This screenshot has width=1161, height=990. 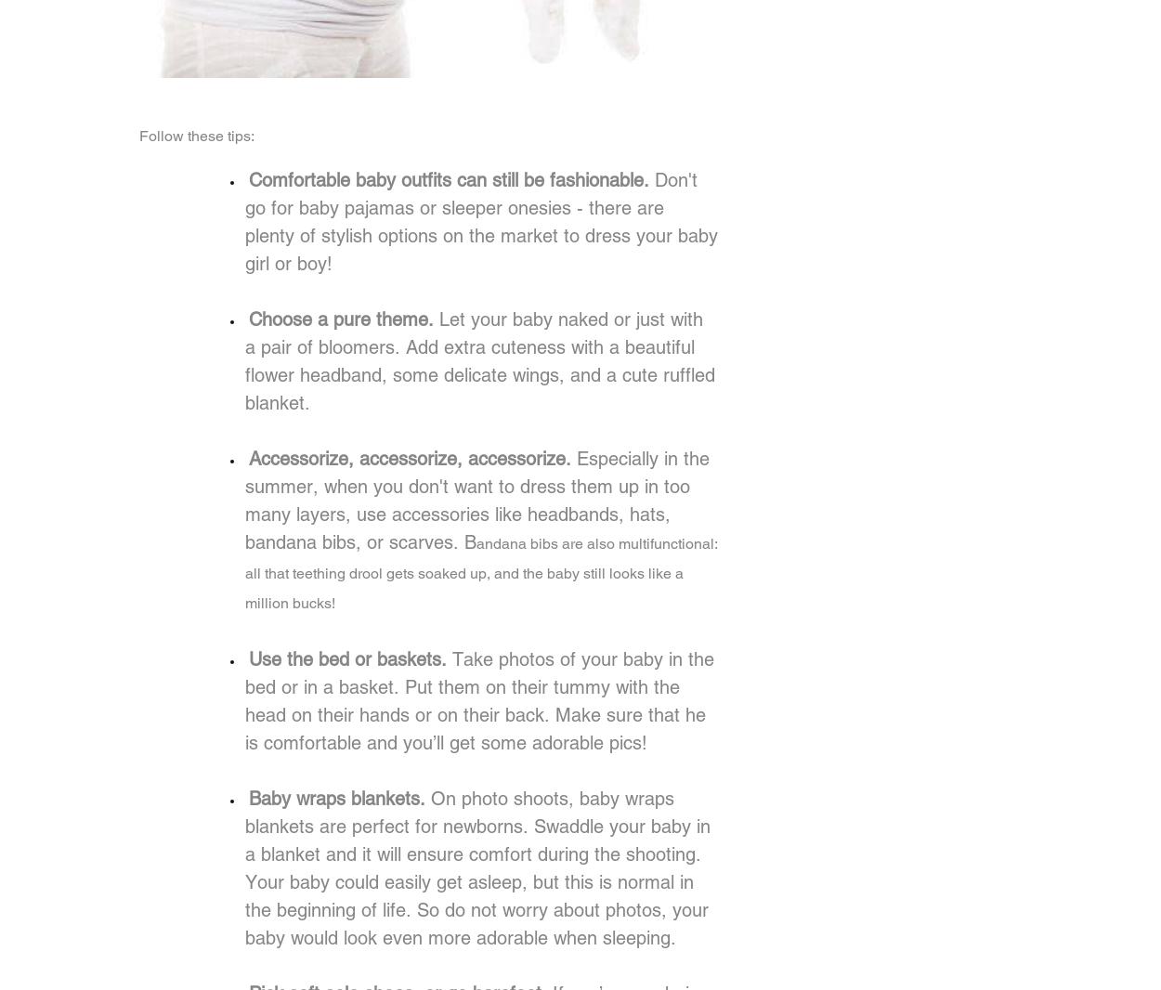 I want to click on 'On photo shoots, baby wraps blankets are perfect for newborns. Swaddle your baby in a blanket and it will ensure comfort during the shooting. Your baby could easily get asleep, but this is normal in the beginning of life. So do not worry about photos, your baby would look even more adorable when sleeping.', so click(x=245, y=867).